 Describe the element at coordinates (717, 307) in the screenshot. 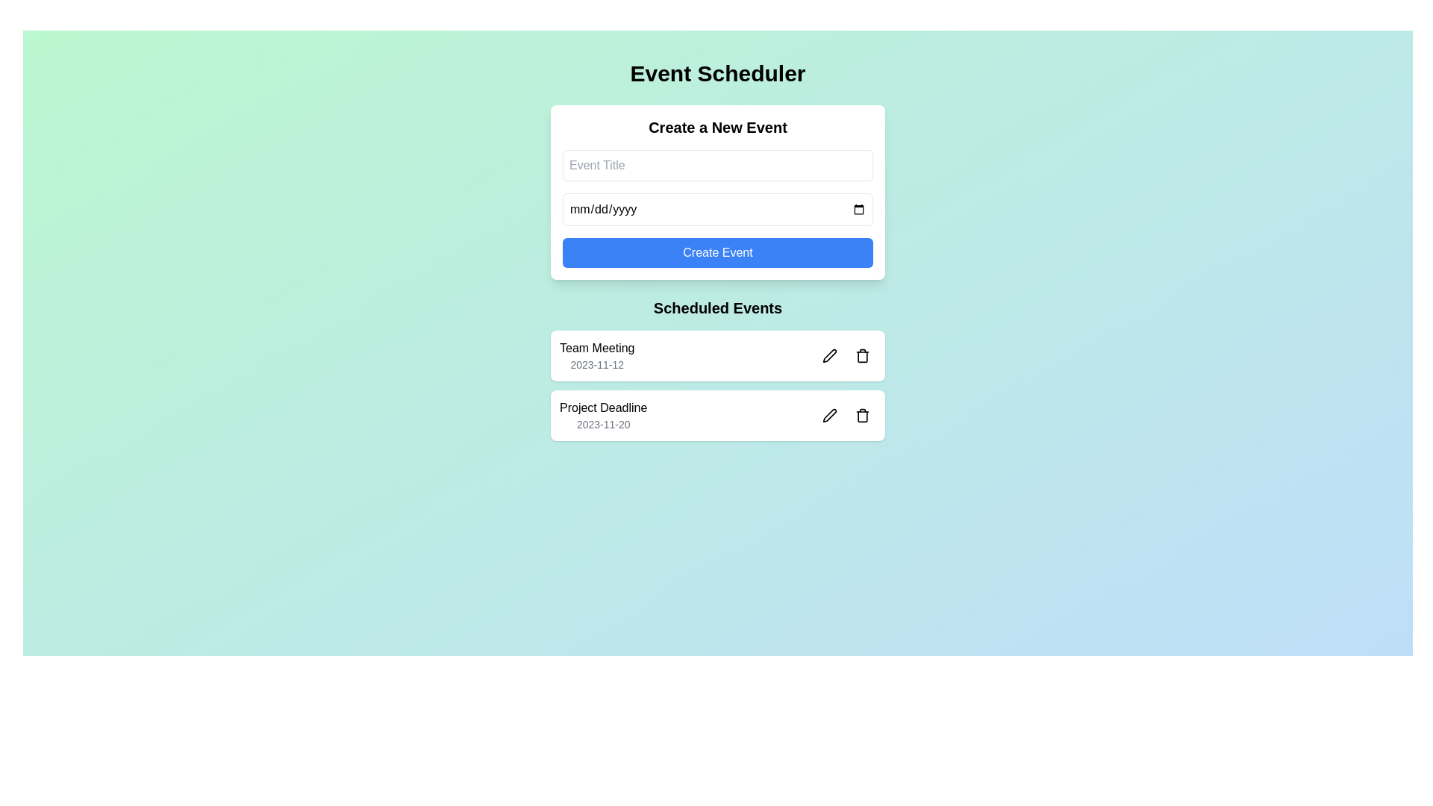

I see `the Text Label that serves as a section title for the upcoming scheduled events, located below the 'Create a New Event' section` at that location.